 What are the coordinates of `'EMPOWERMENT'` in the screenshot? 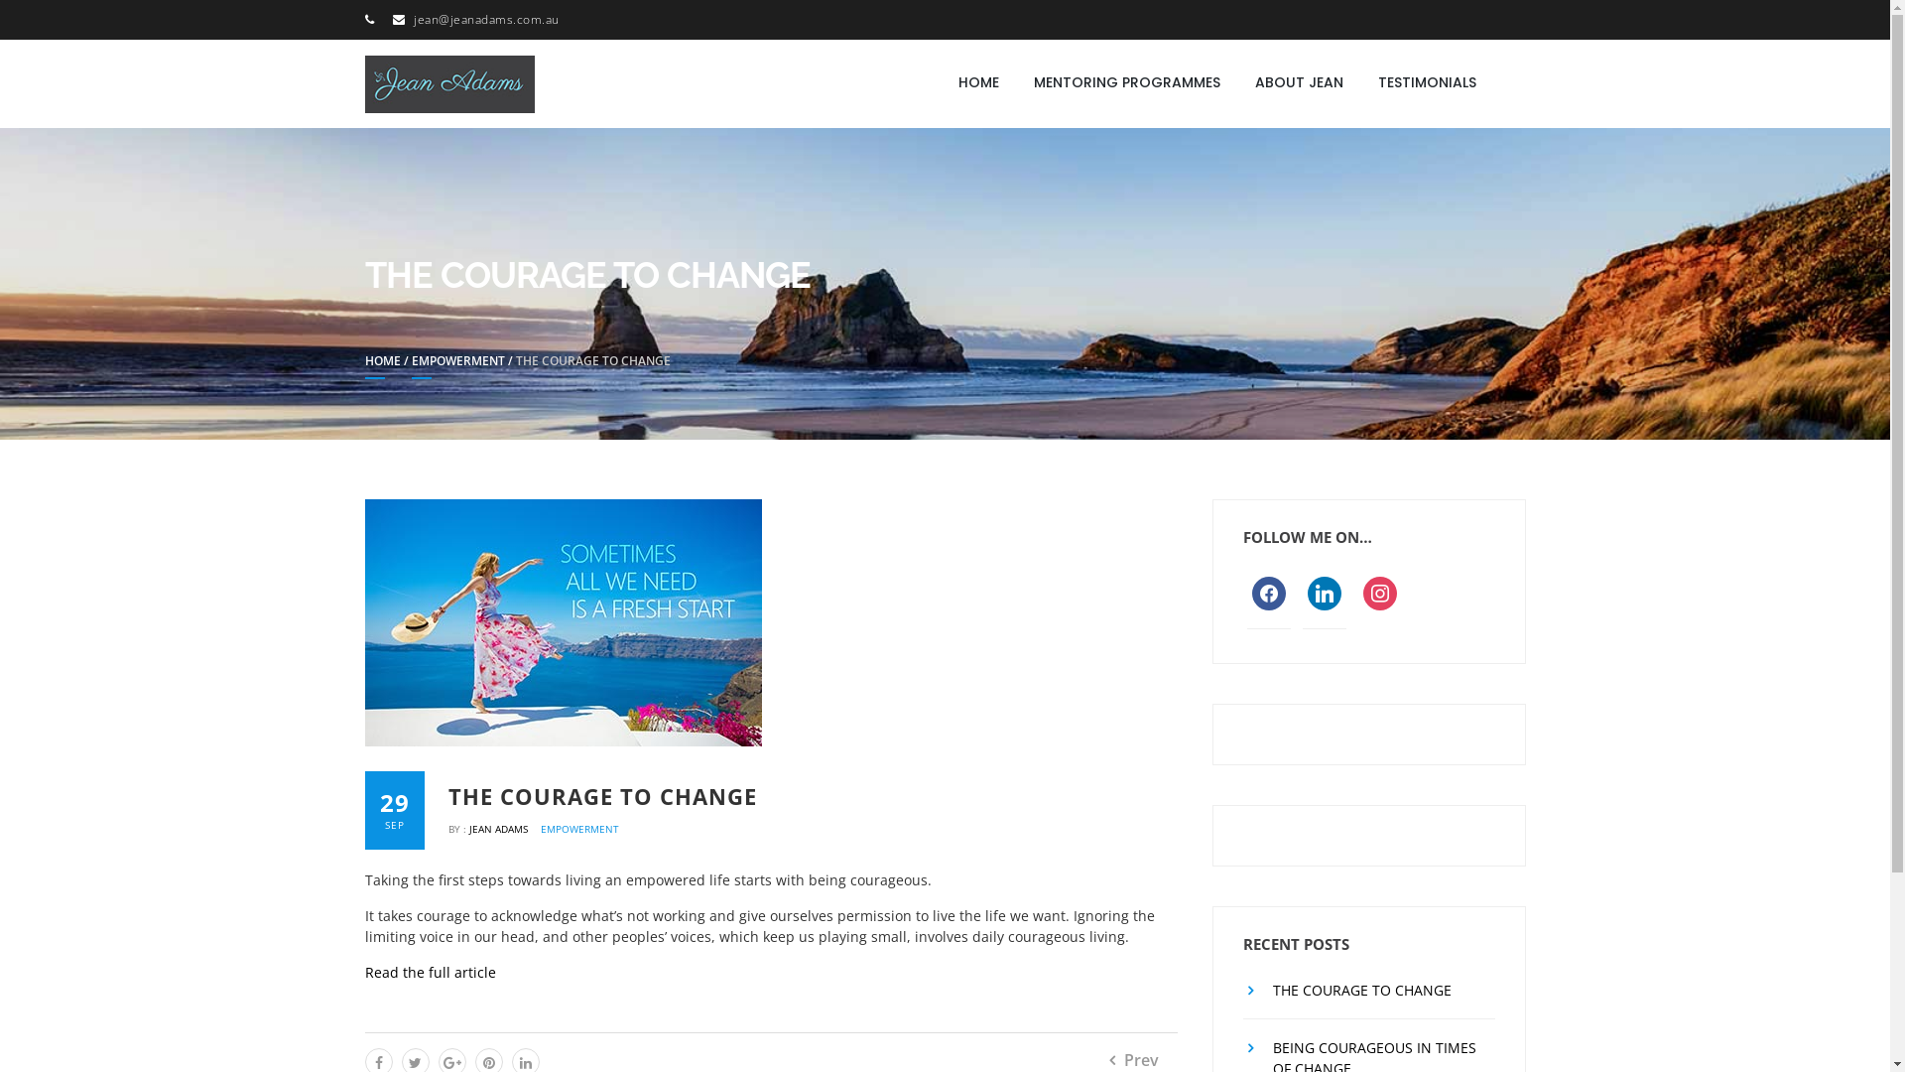 It's located at (455, 365).